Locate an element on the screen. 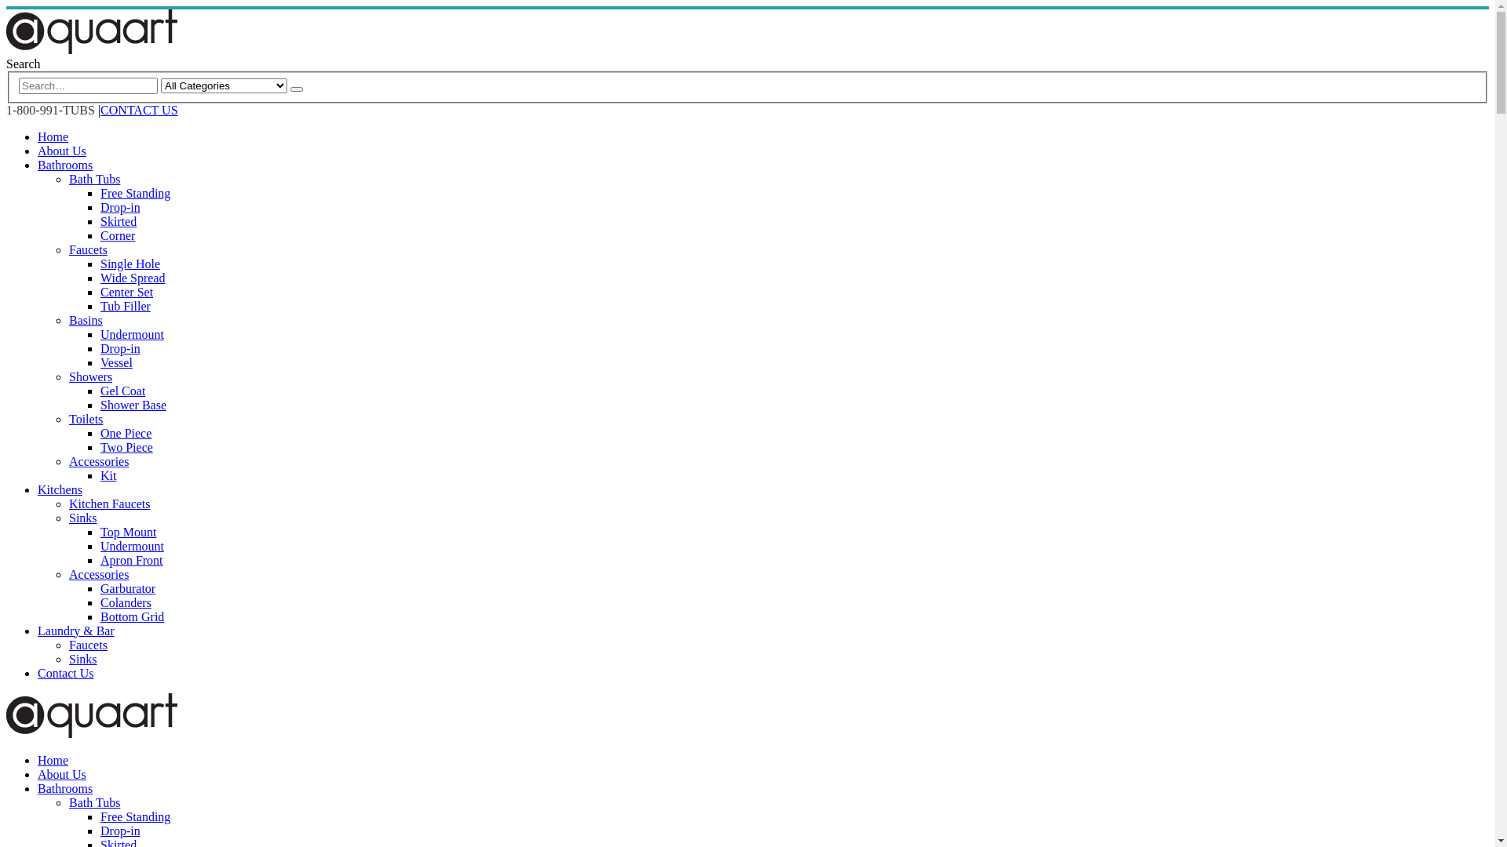  'One Piece' is located at coordinates (126, 433).